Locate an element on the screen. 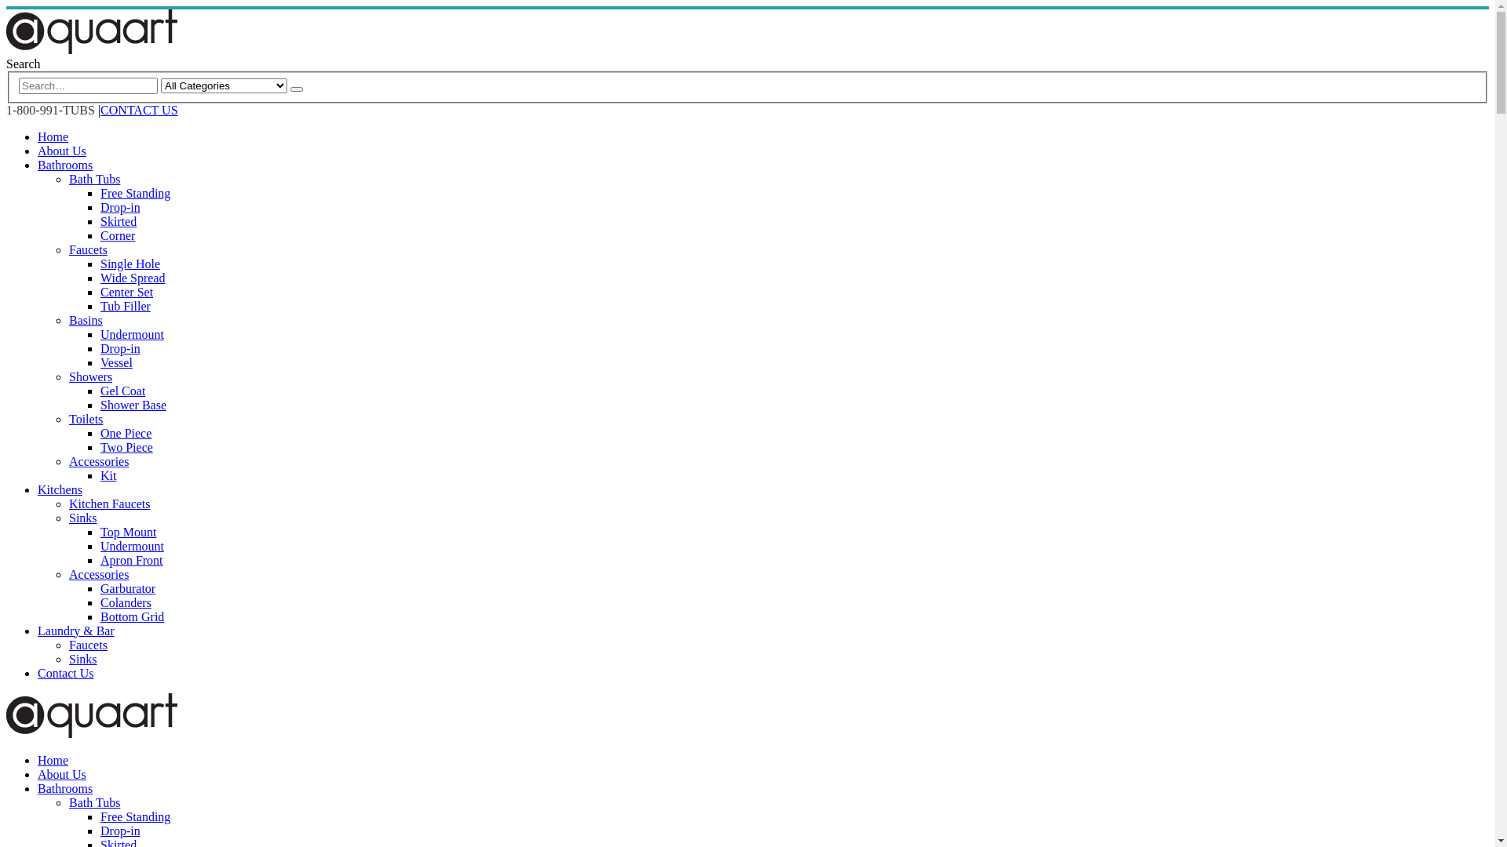  'One Piece' is located at coordinates (126, 433).